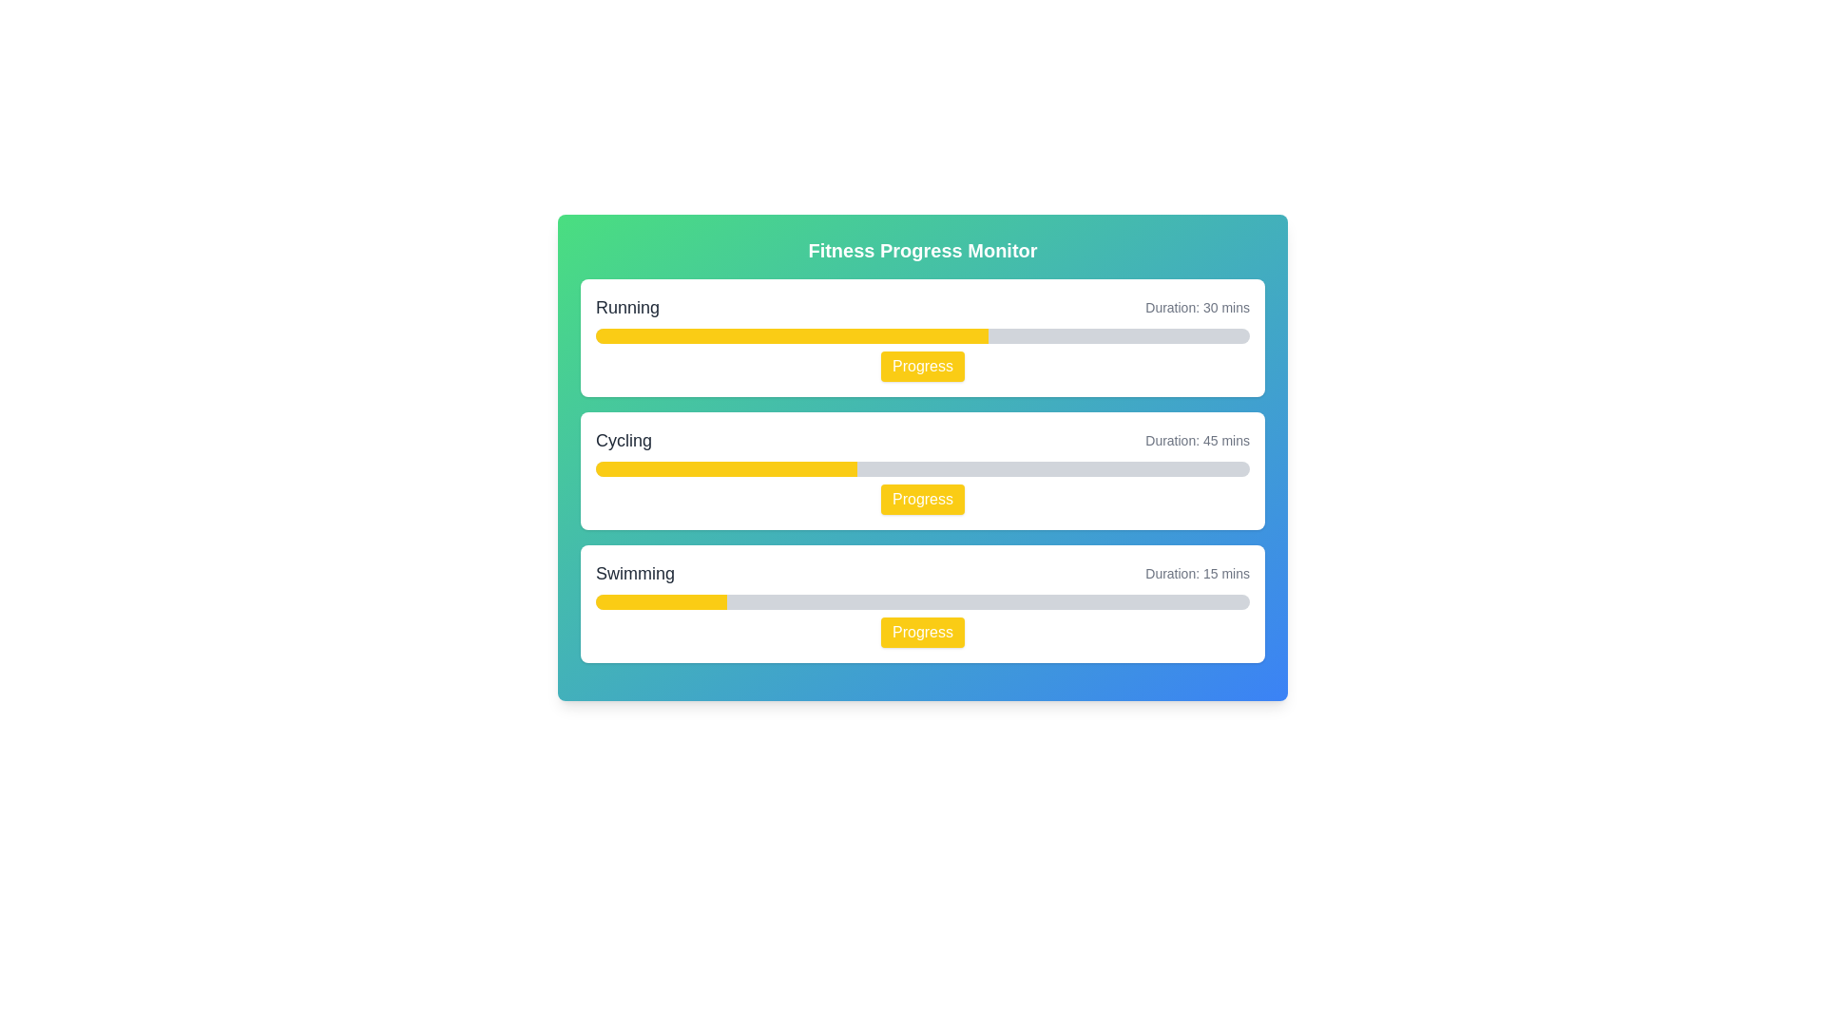  Describe the element at coordinates (922, 366) in the screenshot. I see `the bright yellow button labeled 'Progress' located under the progress bar in the middle-right section of the first card labeled 'Running'` at that location.